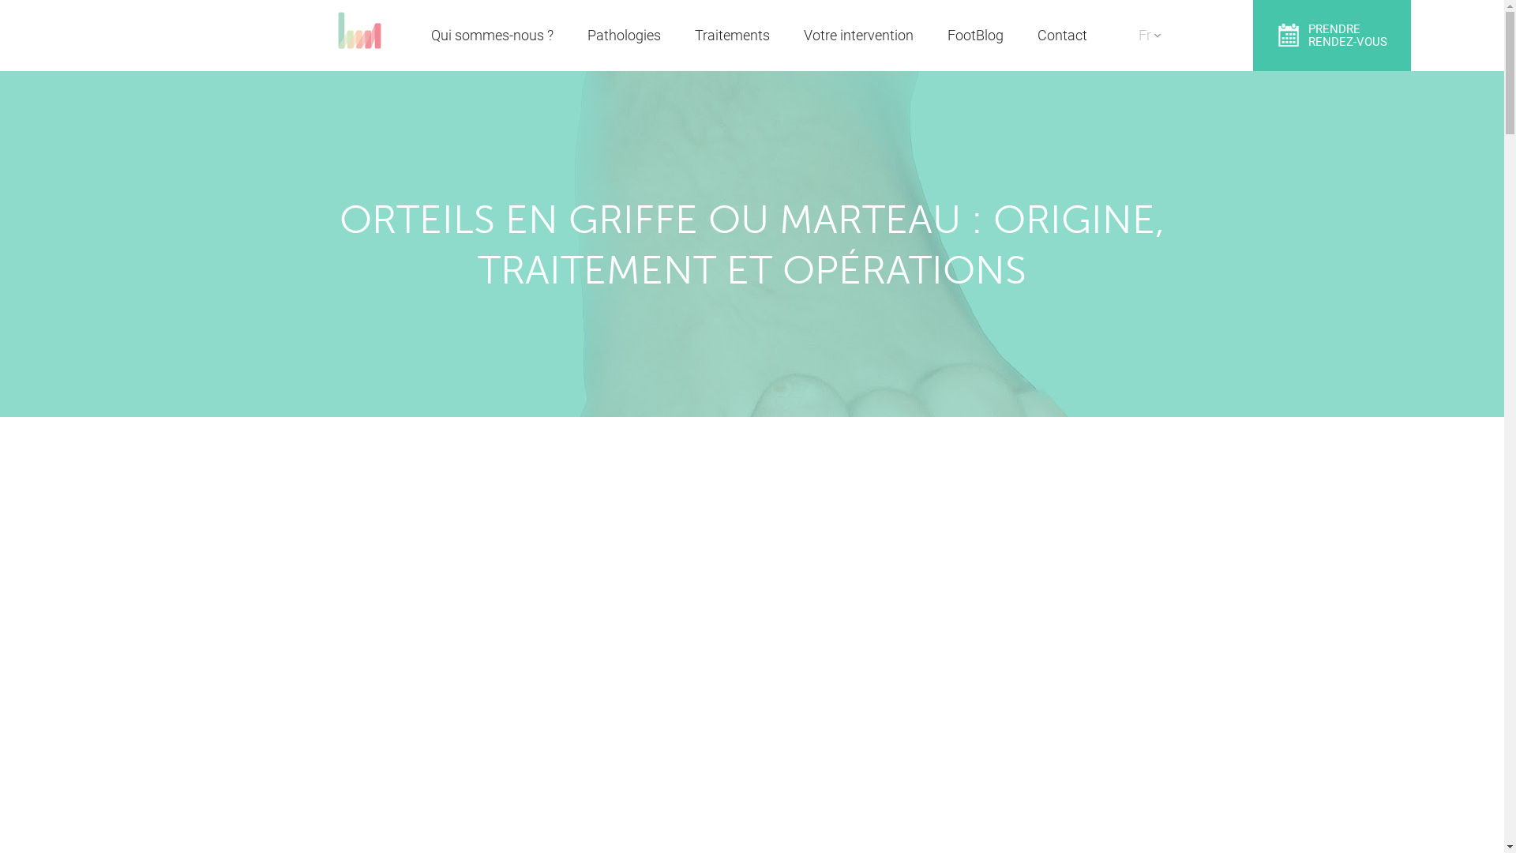 This screenshot has height=853, width=1516. Describe the element at coordinates (1062, 36) in the screenshot. I see `'Contact'` at that location.